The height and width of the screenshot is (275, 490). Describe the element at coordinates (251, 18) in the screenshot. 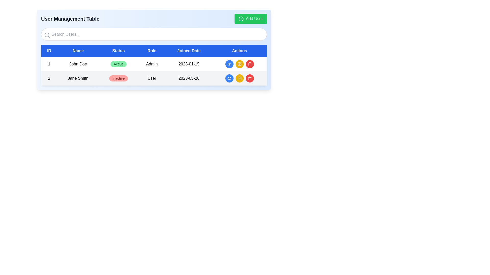

I see `the green 'Add User' button located at the far top-right corner of the 'User Management Table' header` at that location.